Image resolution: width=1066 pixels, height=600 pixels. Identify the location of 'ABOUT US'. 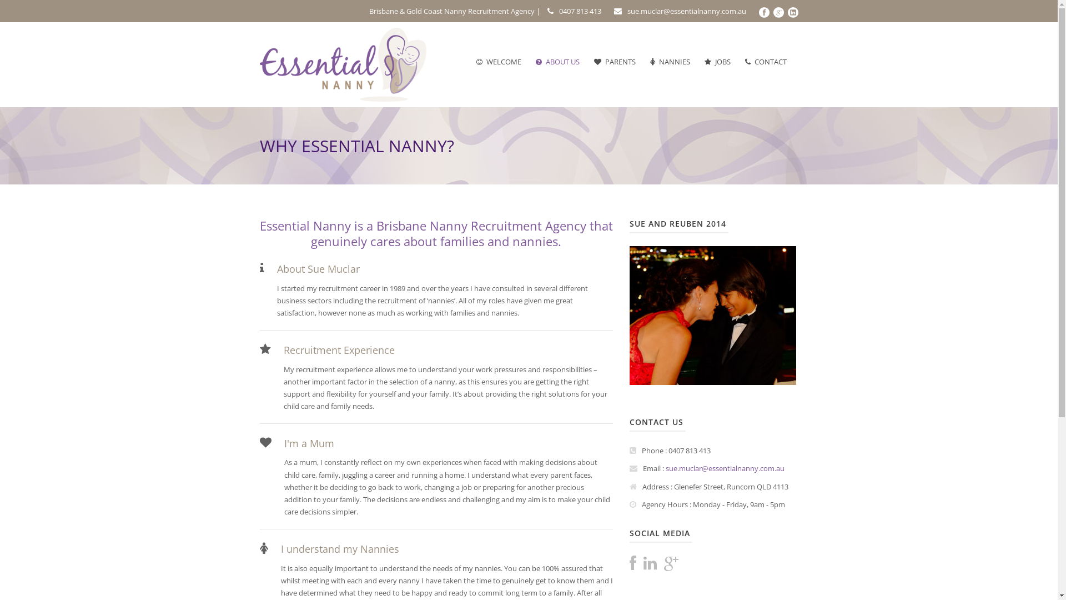
(557, 62).